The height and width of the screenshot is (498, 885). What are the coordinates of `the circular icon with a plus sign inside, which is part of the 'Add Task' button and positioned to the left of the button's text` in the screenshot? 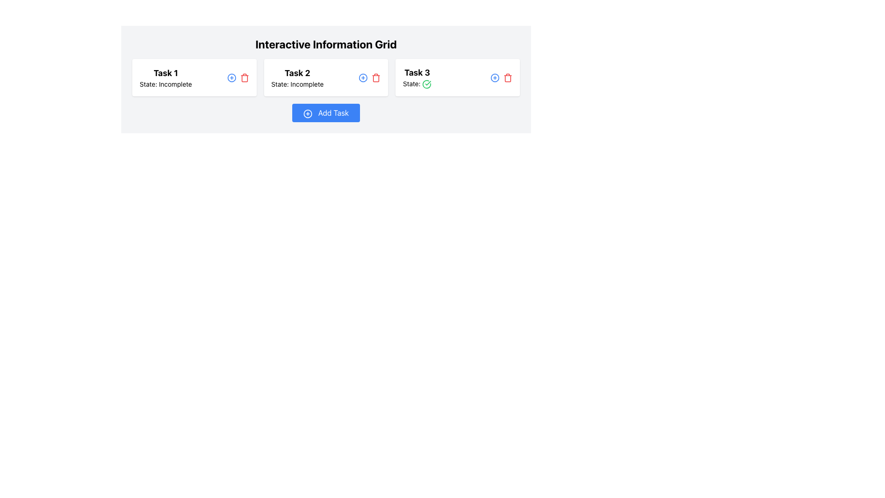 It's located at (308, 113).